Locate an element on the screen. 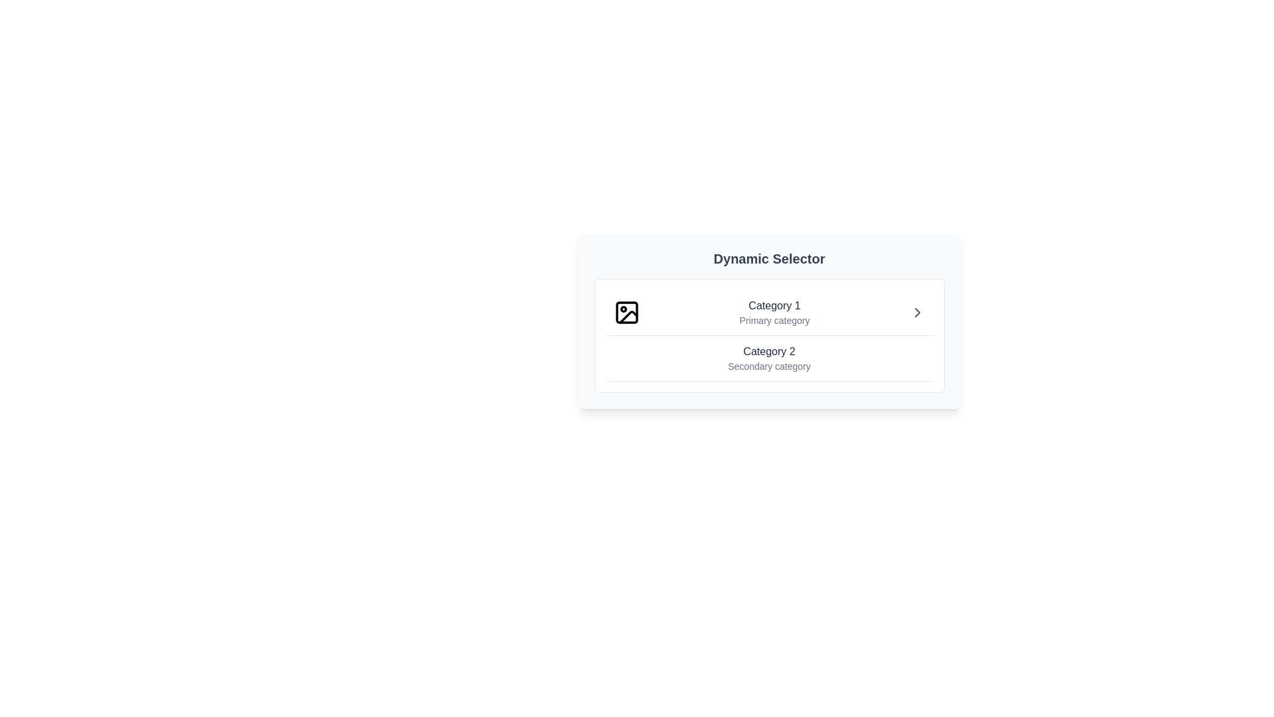 This screenshot has width=1274, height=717. the second selectable list item labeled 'Category 2' with the subtitle 'Secondary category' is located at coordinates (769, 358).